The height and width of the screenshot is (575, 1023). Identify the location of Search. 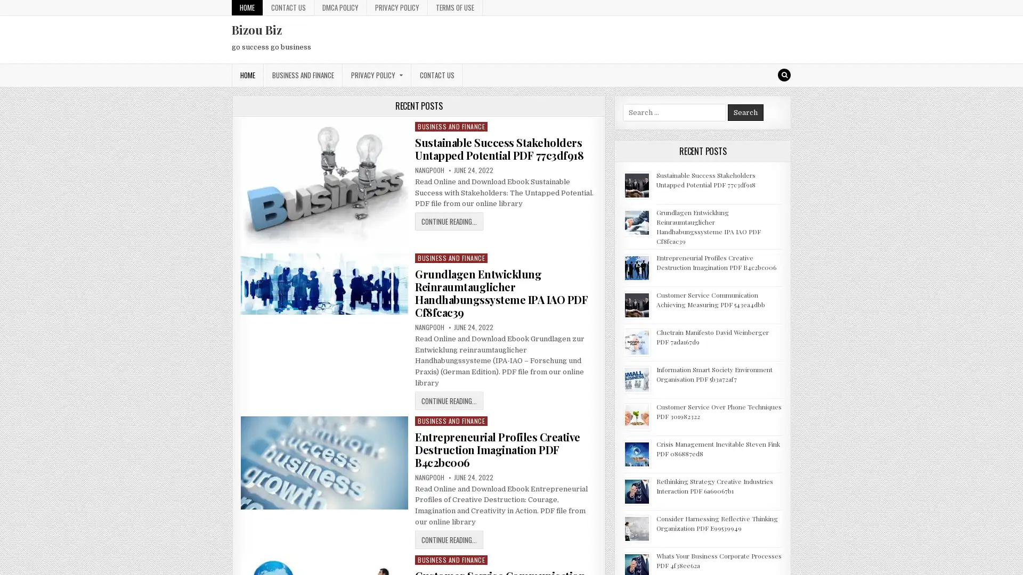
(745, 112).